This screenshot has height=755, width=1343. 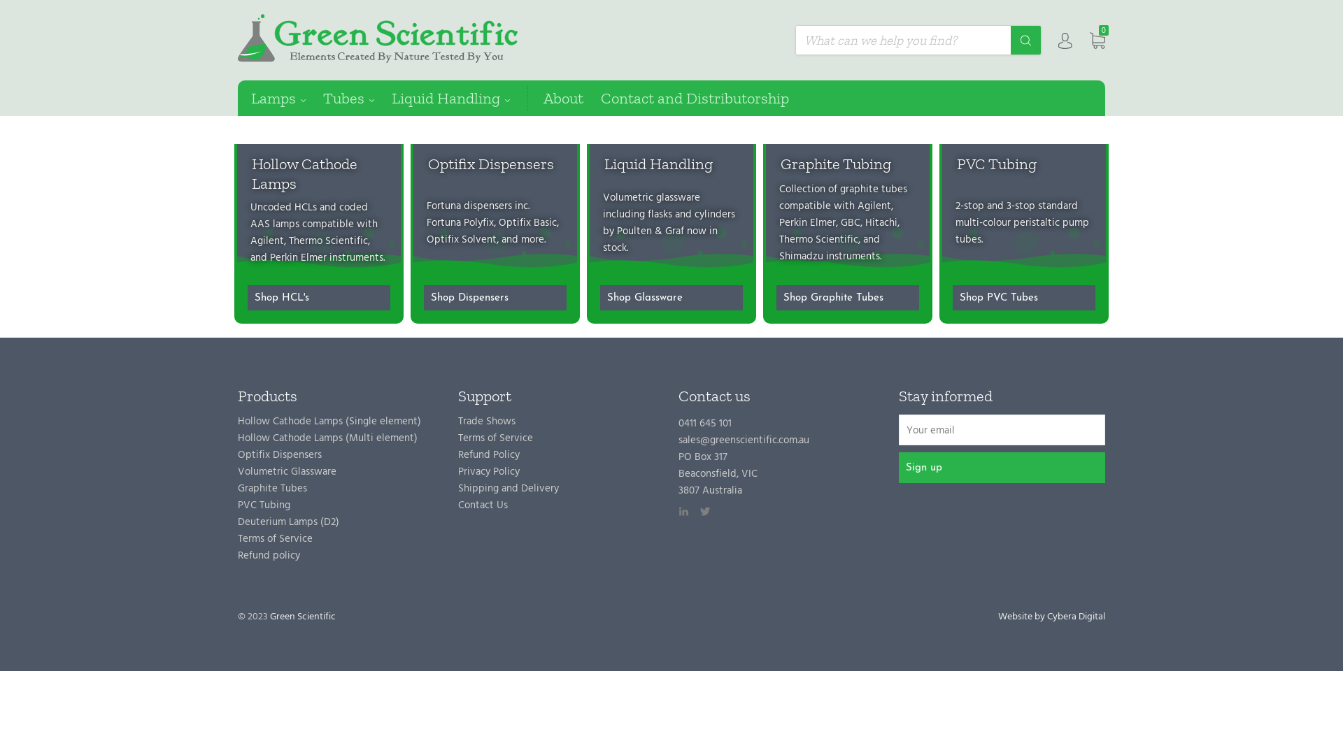 I want to click on '2-stop', so click(x=955, y=207).